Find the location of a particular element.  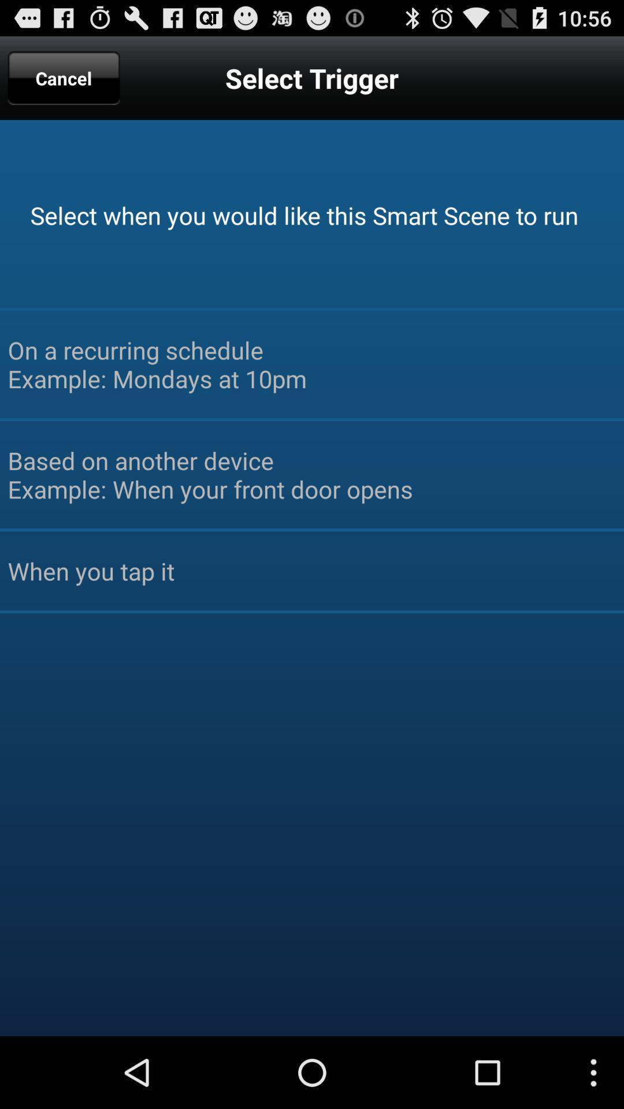

based on another item is located at coordinates (312, 474).